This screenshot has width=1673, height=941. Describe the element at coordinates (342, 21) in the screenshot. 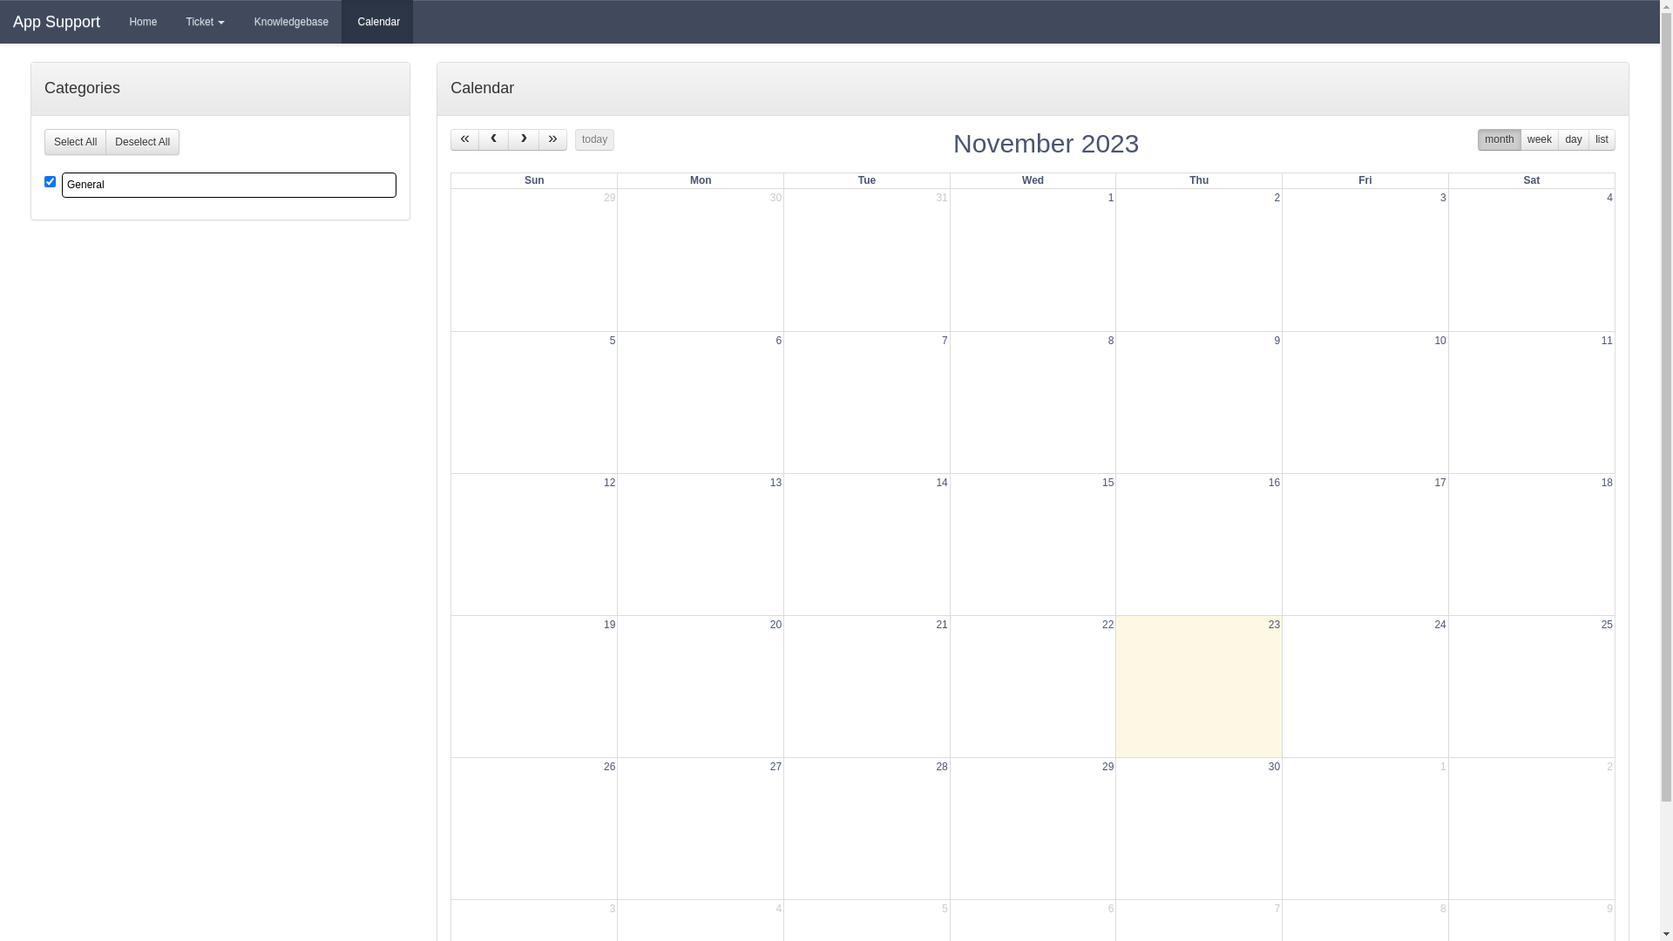

I see `' Calendar'` at that location.